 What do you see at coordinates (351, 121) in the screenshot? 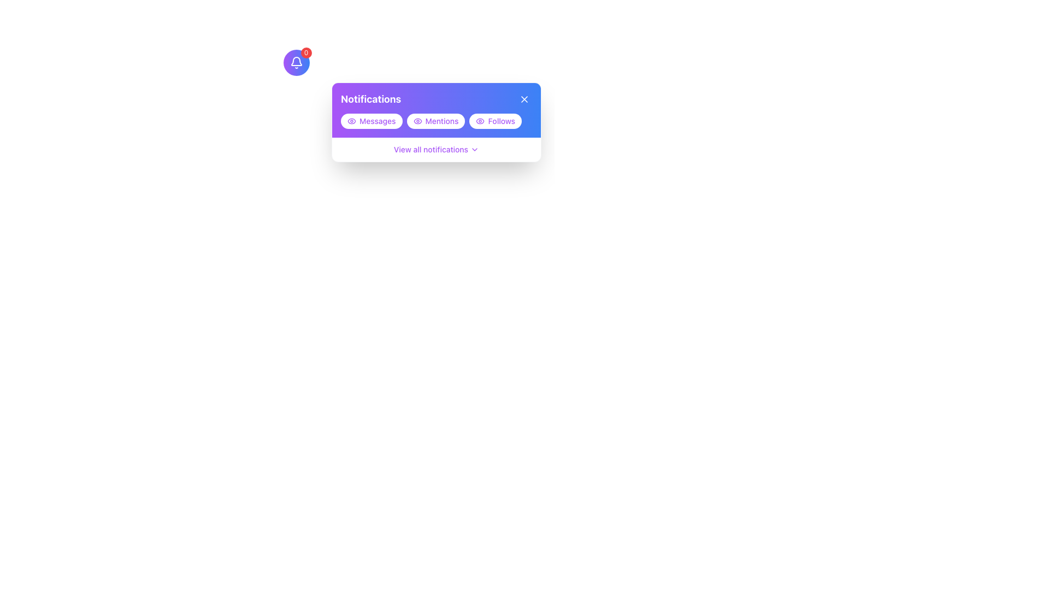
I see `the eye-shaped icon with a purple outline, located to the left of the 'Messages' text in the 'Notifications' button group` at bounding box center [351, 121].